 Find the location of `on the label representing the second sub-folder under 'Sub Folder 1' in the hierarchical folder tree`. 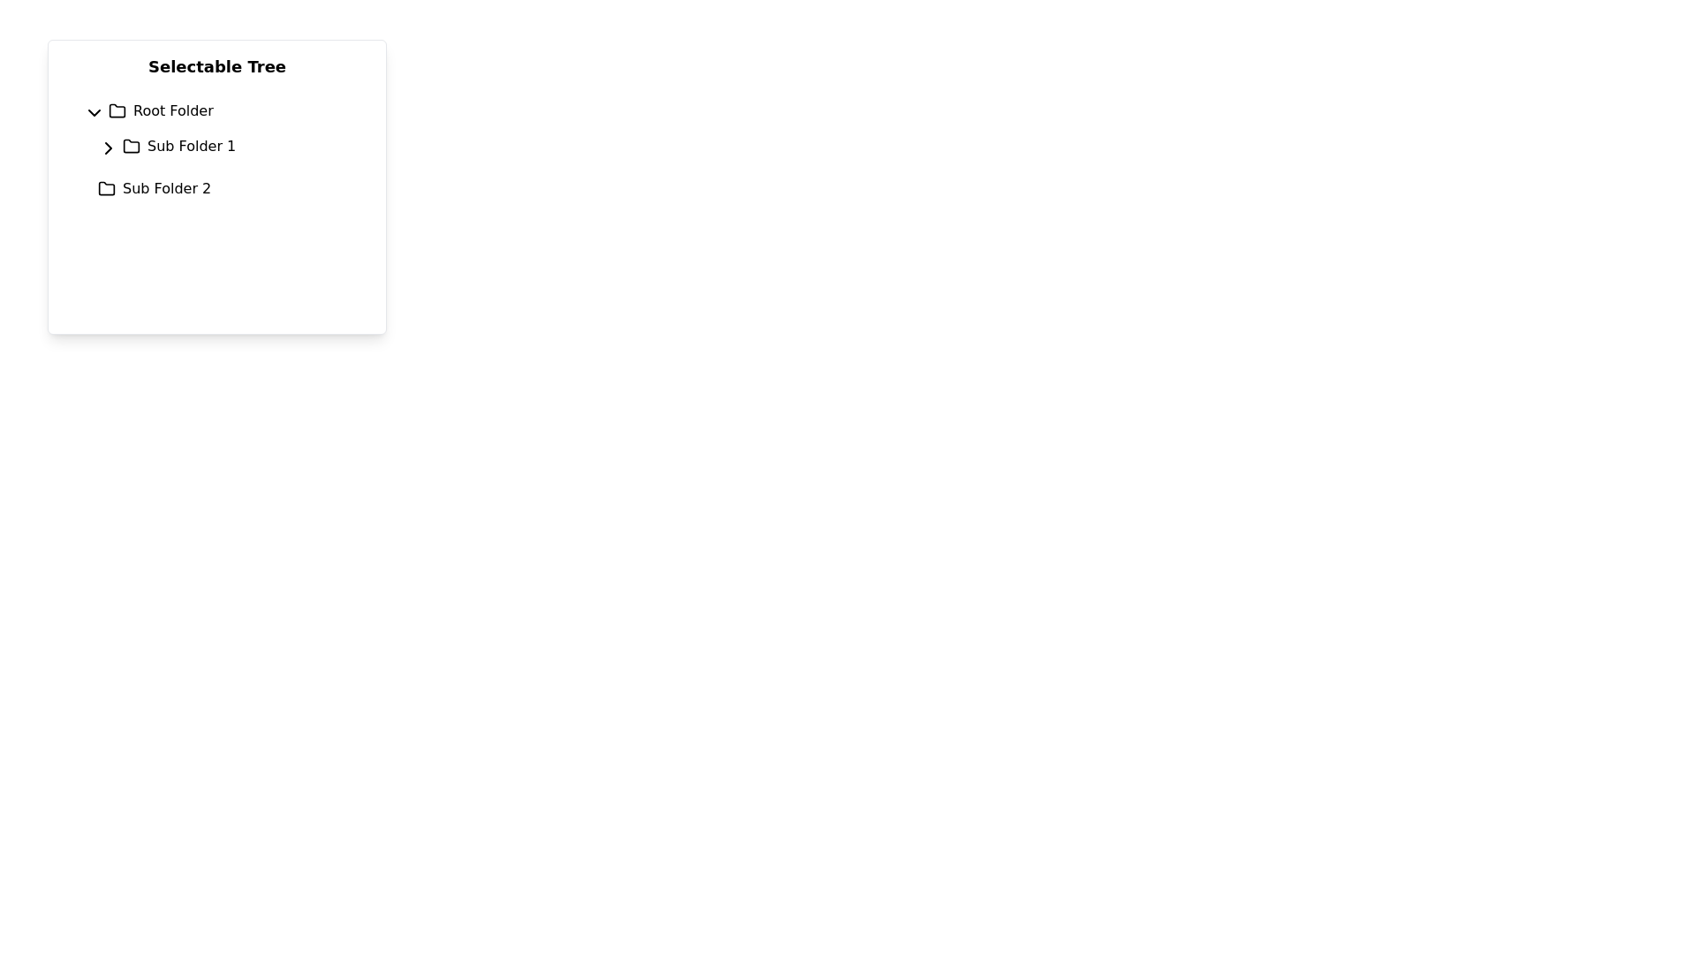

on the label representing the second sub-folder under 'Sub Folder 1' in the hierarchical folder tree is located at coordinates (167, 188).